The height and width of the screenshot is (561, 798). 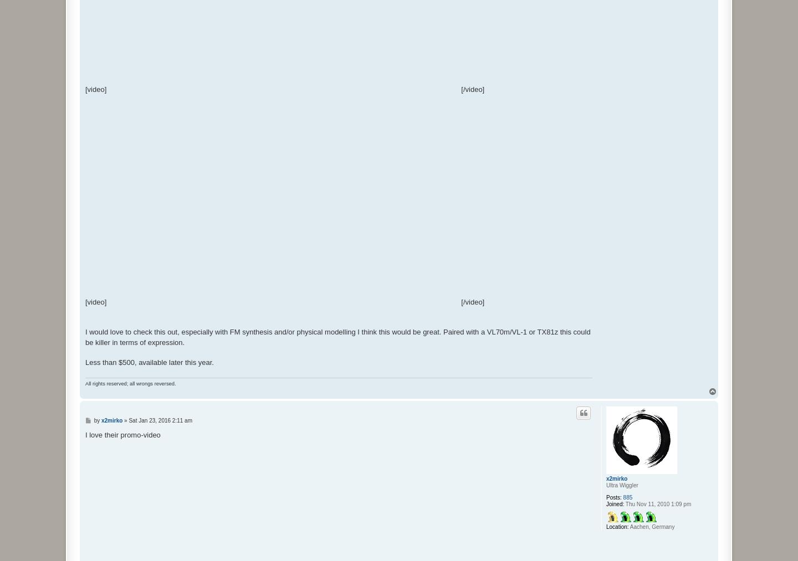 What do you see at coordinates (130, 382) in the screenshot?
I see `'All rights reserved; all wrongs reversed.'` at bounding box center [130, 382].